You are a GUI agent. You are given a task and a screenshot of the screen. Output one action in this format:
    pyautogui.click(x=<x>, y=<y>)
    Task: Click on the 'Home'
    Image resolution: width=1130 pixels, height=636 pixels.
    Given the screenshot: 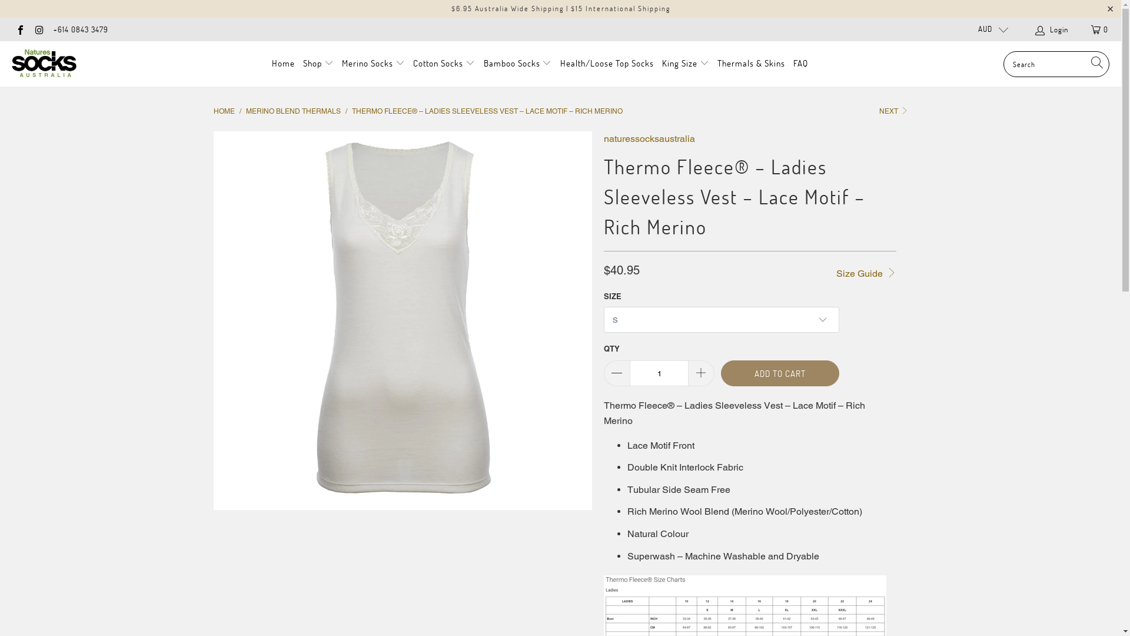 What is the action you would take?
    pyautogui.click(x=271, y=64)
    